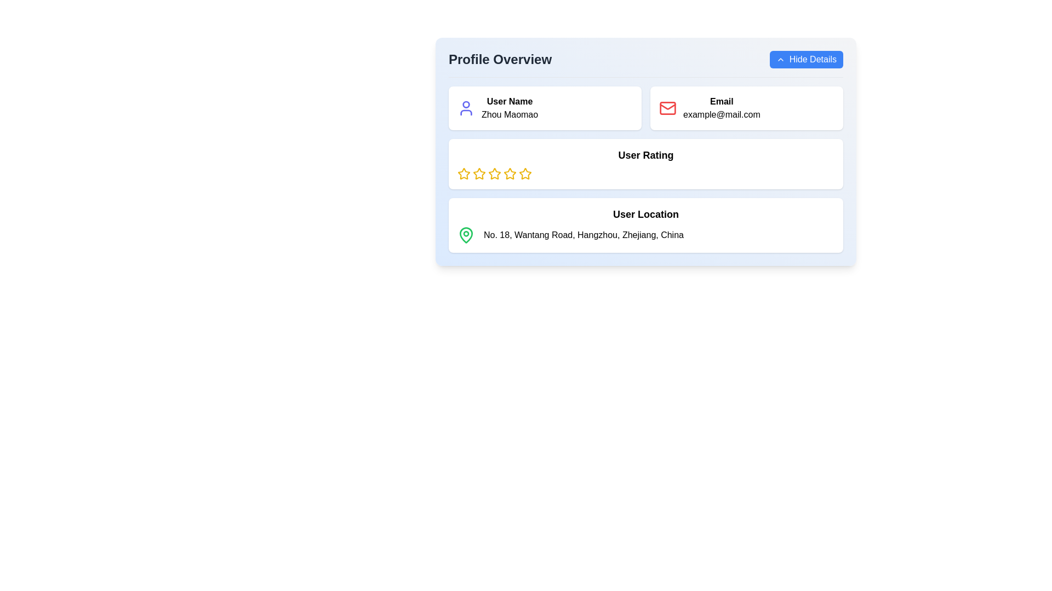 The height and width of the screenshot is (591, 1052). I want to click on the first star-shaped rating icon with a bright yellow outline and white fill, located under the 'User Rating' header, so click(464, 173).